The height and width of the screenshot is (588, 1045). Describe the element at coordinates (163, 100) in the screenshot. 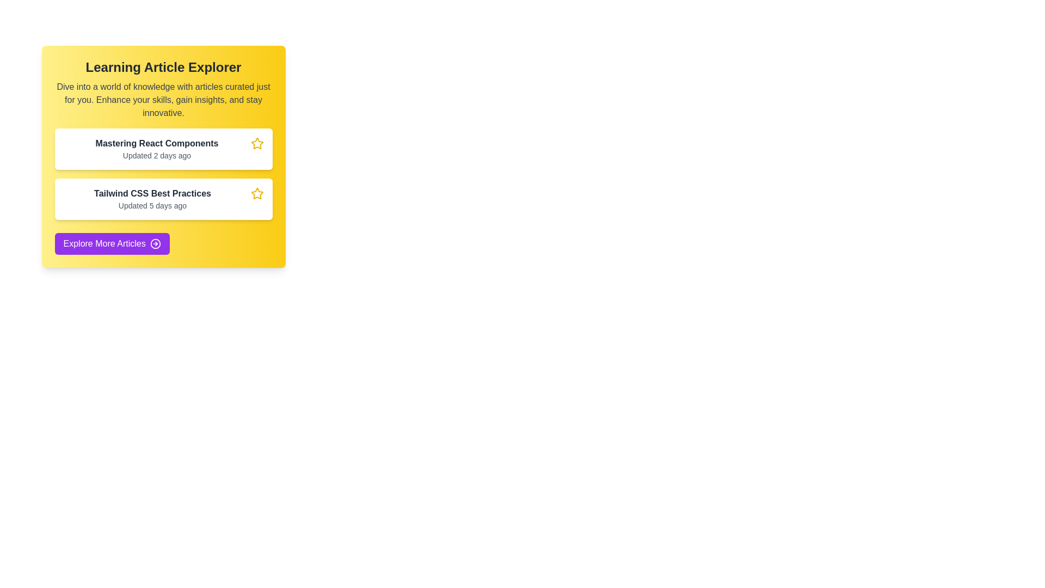

I see `the text block containing the message 'Dive into a world of knowledge with articles curated just for you...'` at that location.